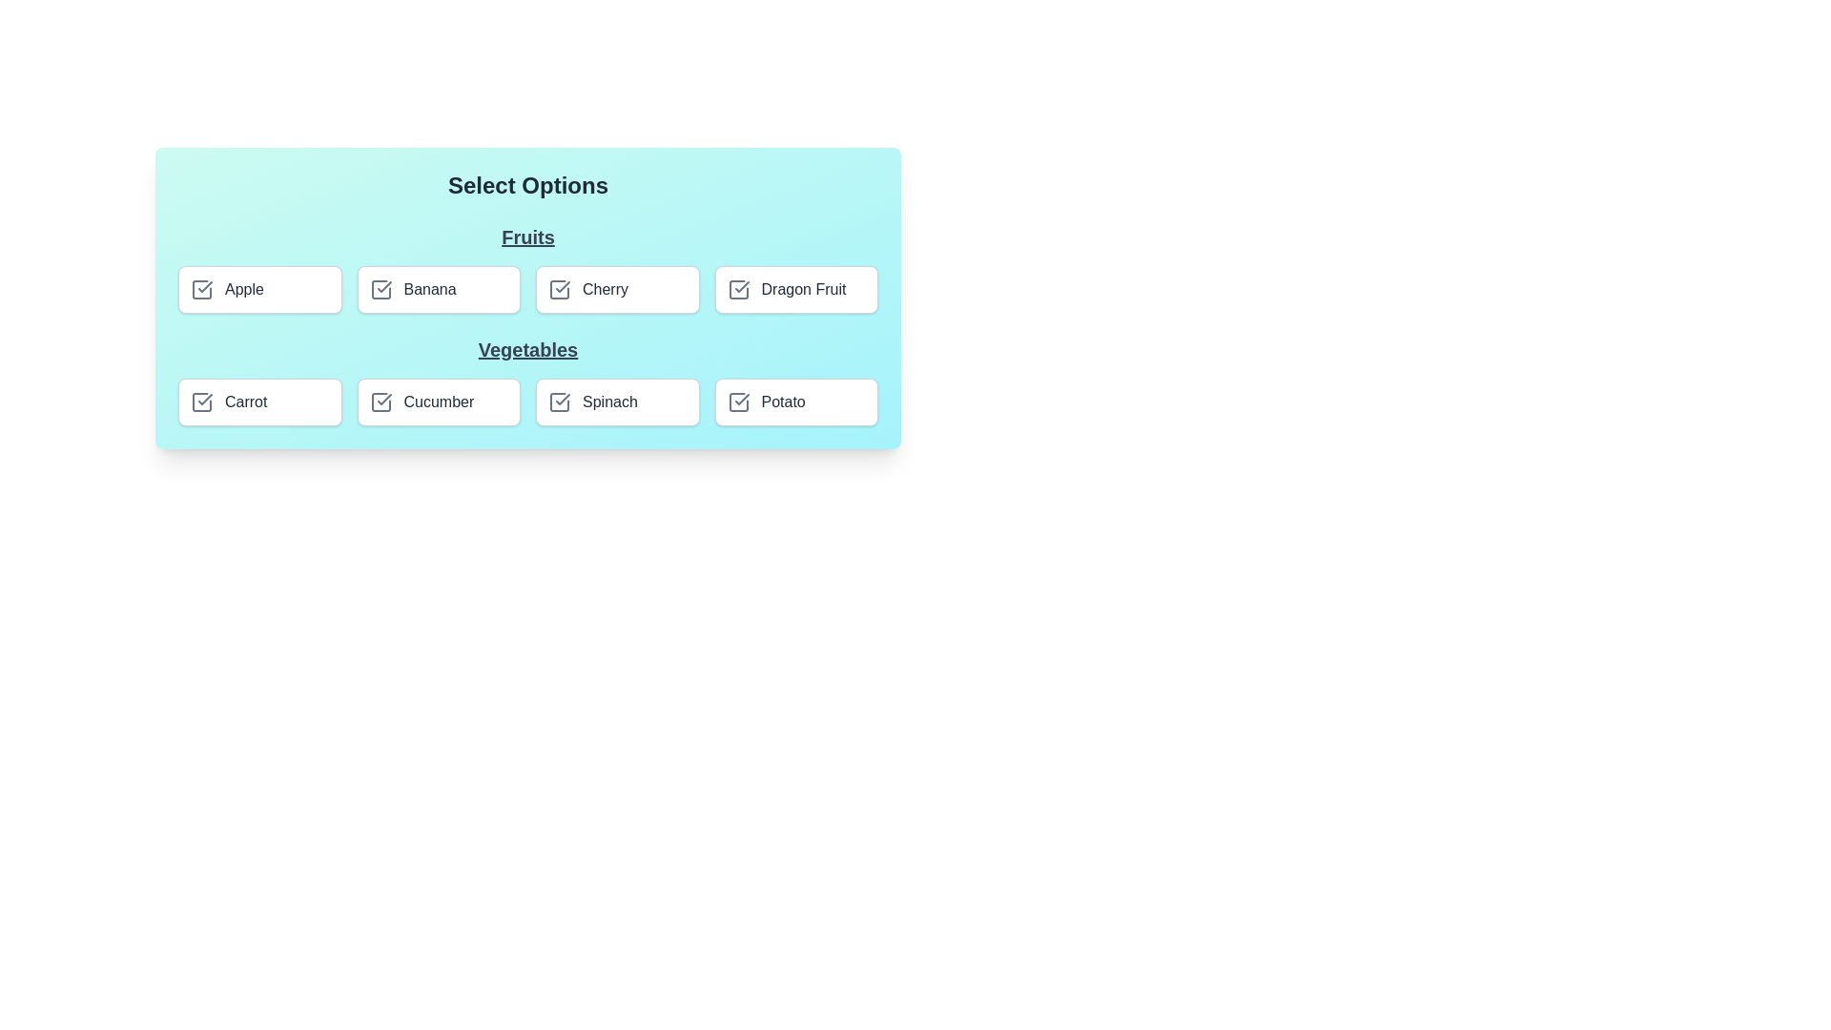 The height and width of the screenshot is (1030, 1831). What do you see at coordinates (381, 290) in the screenshot?
I see `the SVG graphic representing a checkmark within the checkbox for the 'Banana' option, which indicates its selection state in the Fruits section` at bounding box center [381, 290].